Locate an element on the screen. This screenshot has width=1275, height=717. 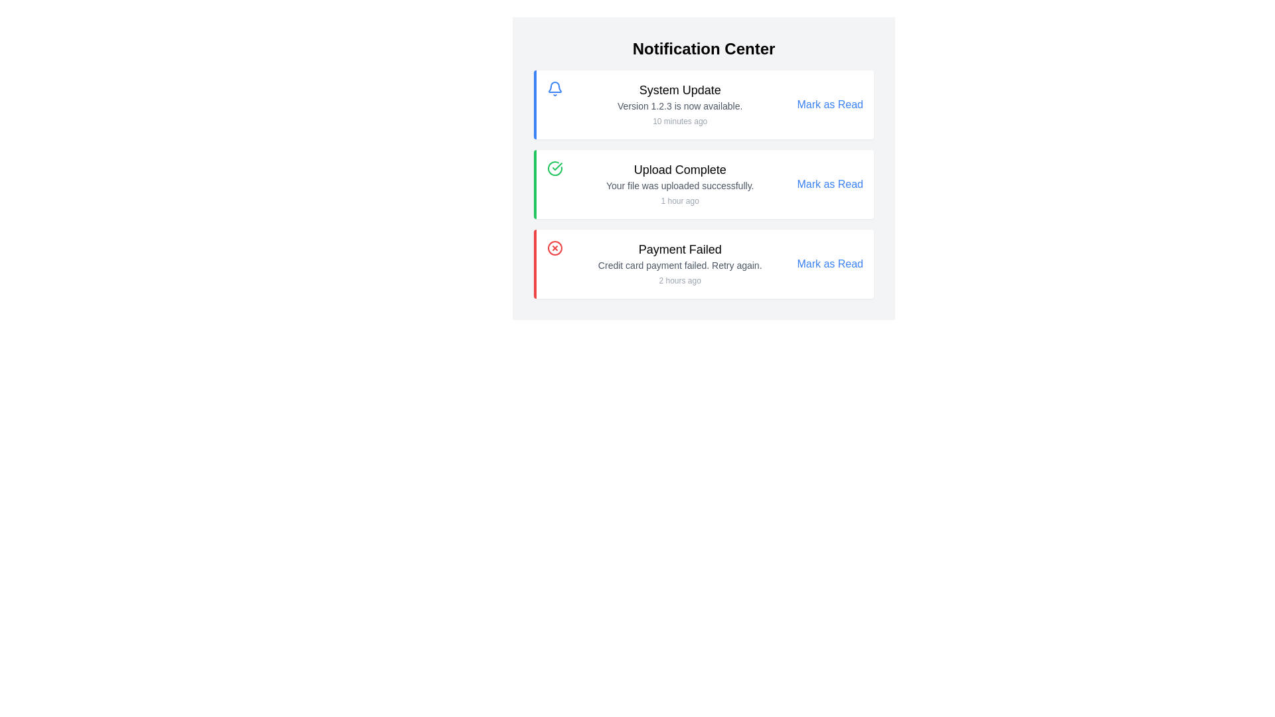
the timestamp text label in the notification card titled 'Upload Complete', which displays the relative time elapsed since the notification occurred is located at coordinates (680, 201).